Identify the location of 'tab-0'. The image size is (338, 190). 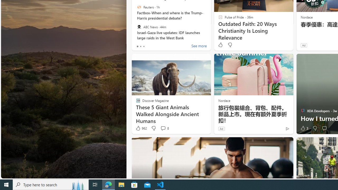
(137, 46).